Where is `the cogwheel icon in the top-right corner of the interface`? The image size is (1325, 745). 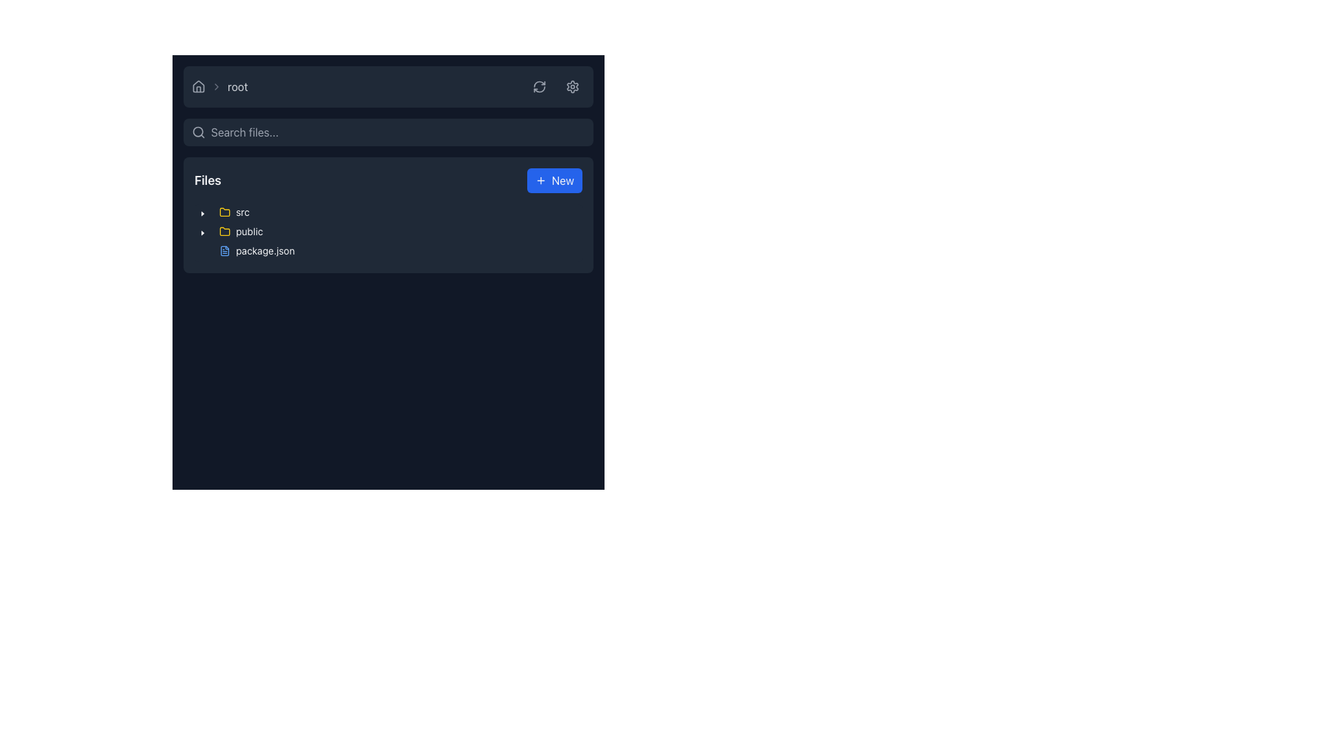 the cogwheel icon in the top-right corner of the interface is located at coordinates (573, 86).